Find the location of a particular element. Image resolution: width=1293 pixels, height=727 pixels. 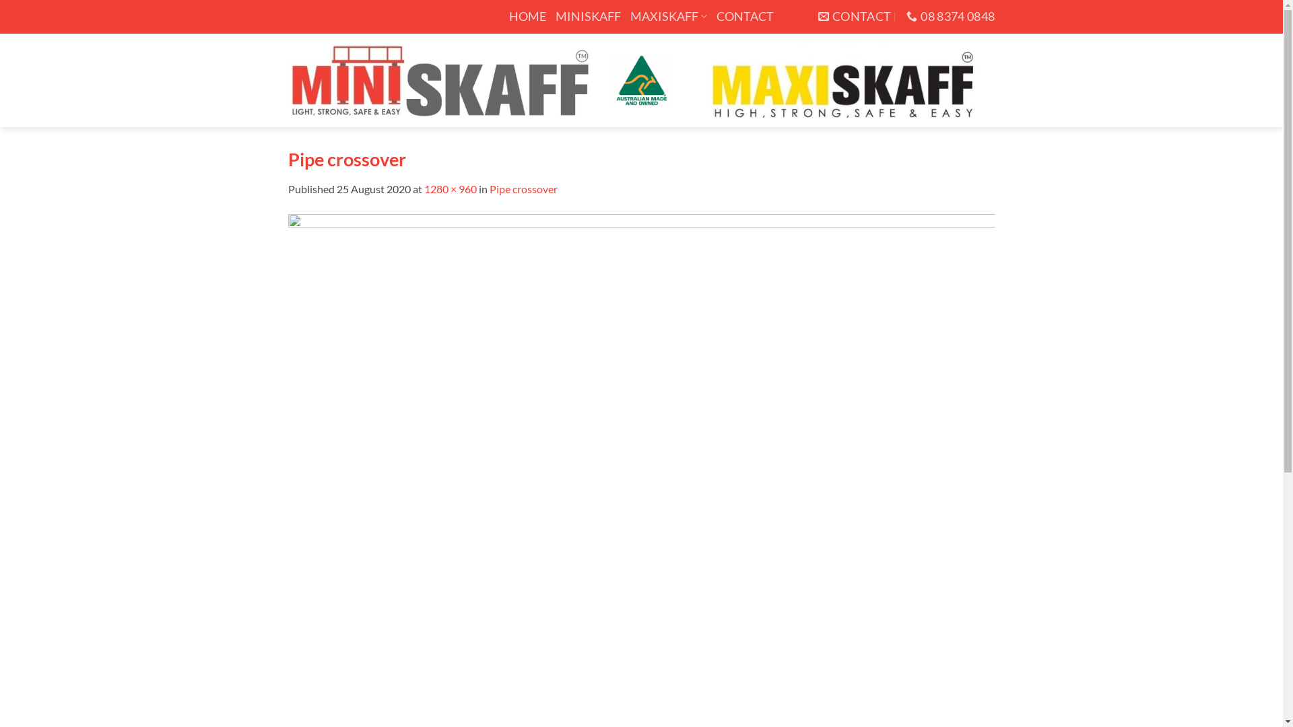

'HOME' is located at coordinates (527, 16).